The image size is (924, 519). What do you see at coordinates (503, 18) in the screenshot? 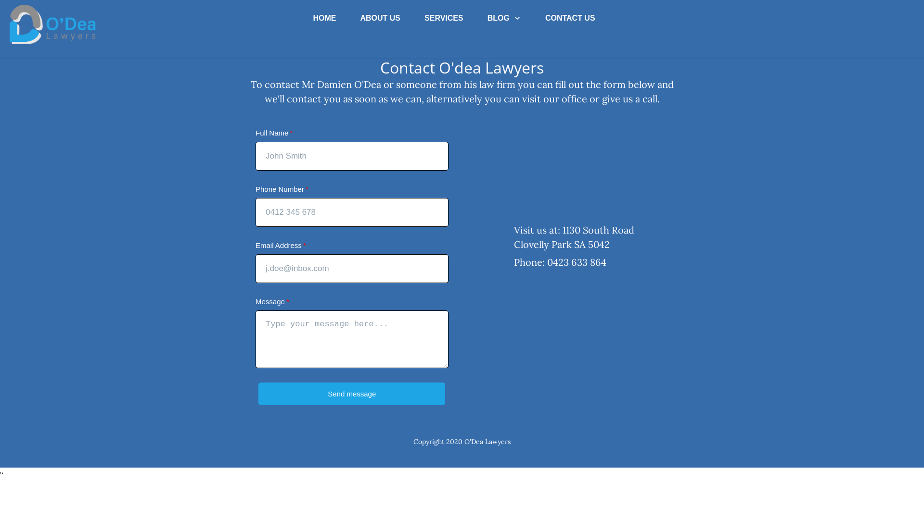
I see `'BLOG'` at bounding box center [503, 18].